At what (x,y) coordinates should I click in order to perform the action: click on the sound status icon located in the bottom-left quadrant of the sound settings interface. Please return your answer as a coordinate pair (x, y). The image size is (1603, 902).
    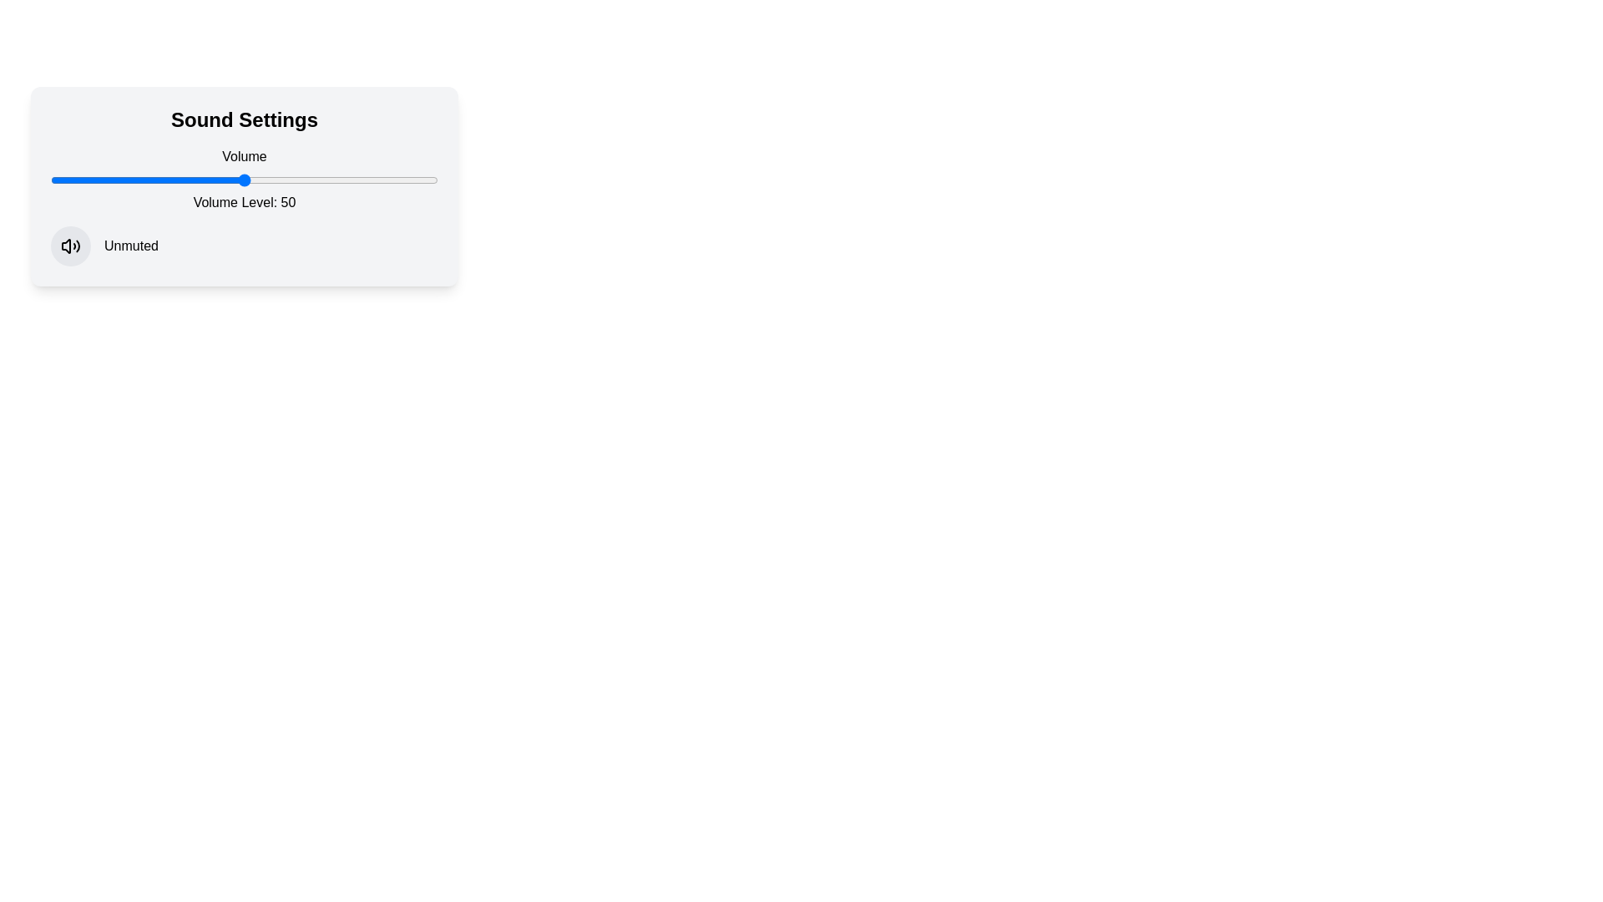
    Looking at the image, I should click on (70, 246).